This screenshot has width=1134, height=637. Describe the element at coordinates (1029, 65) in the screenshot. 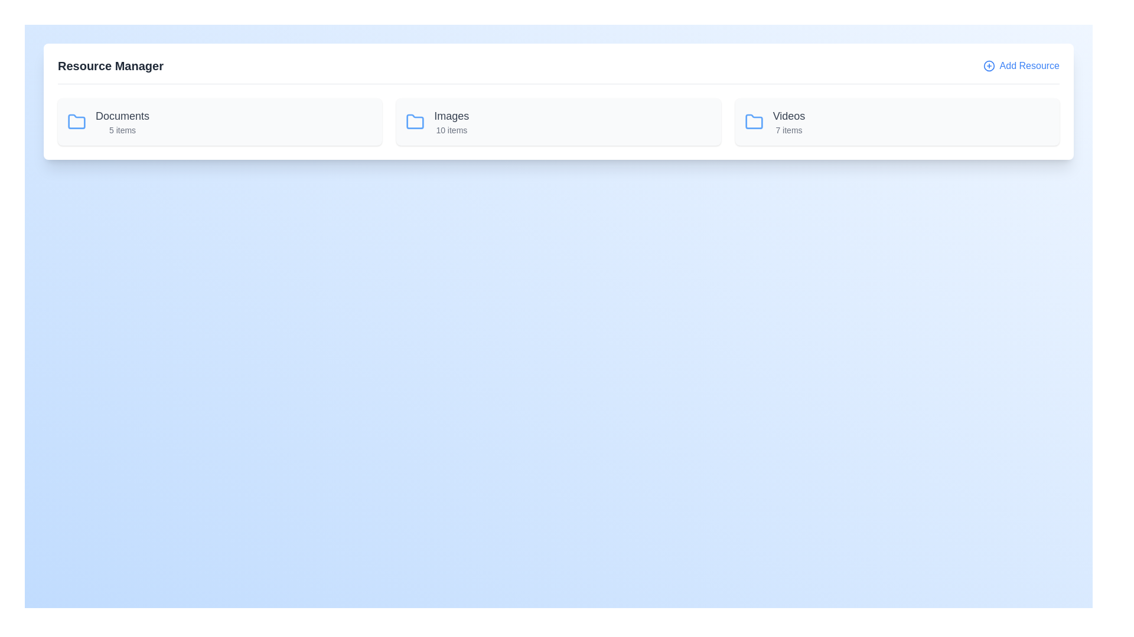

I see `the label positioned at the top right of the interface, located to the right of the '+' icon` at that location.